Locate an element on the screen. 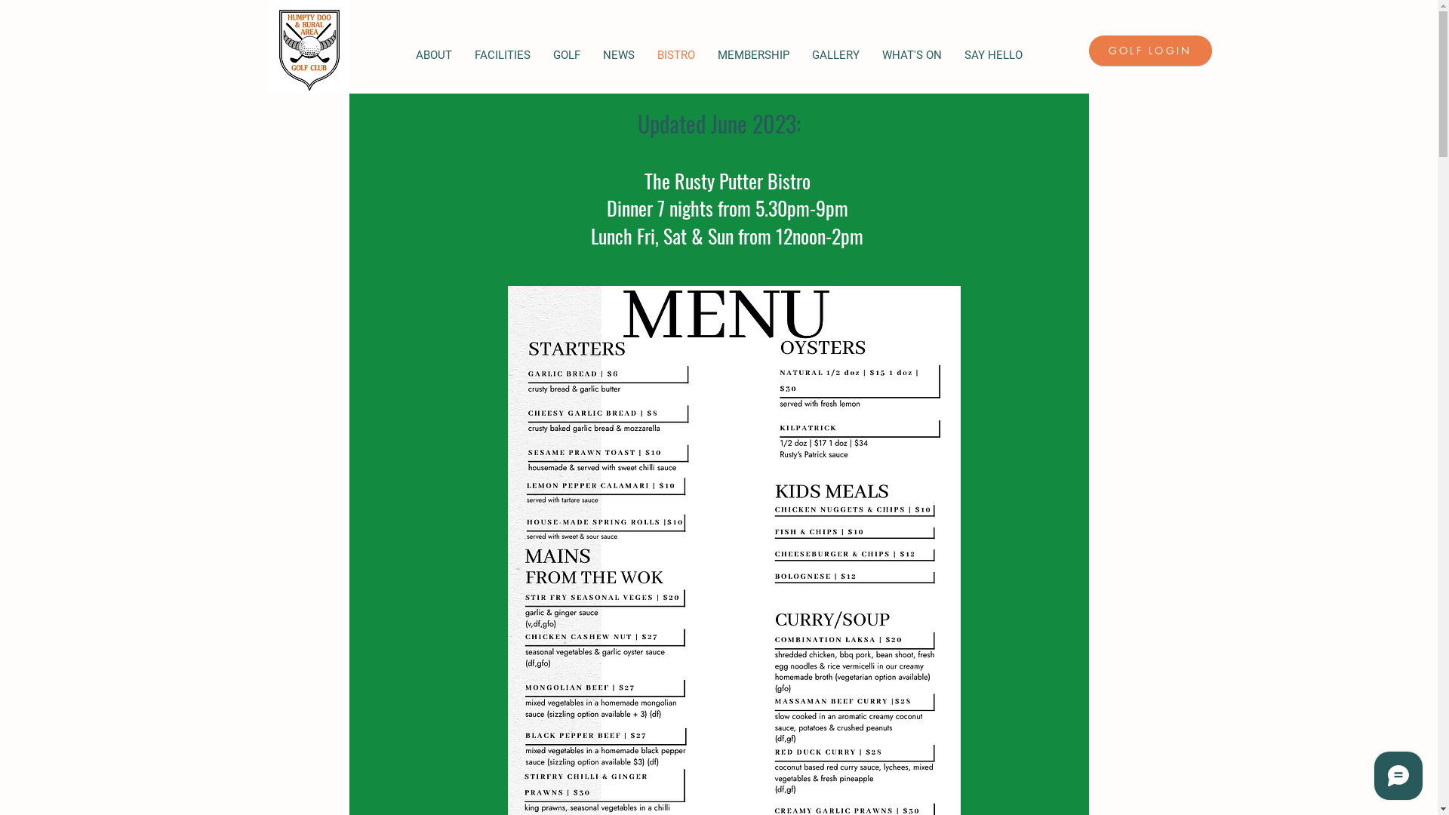  'GALLERY' is located at coordinates (799, 54).